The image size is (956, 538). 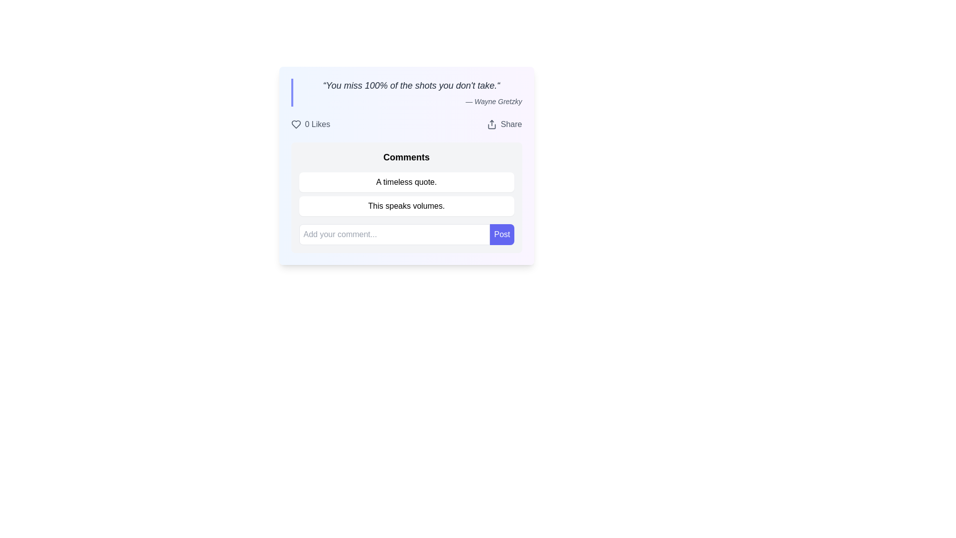 What do you see at coordinates (295, 124) in the screenshot?
I see `the heart-shaped icon located to the left of the text '0 Likes'` at bounding box center [295, 124].